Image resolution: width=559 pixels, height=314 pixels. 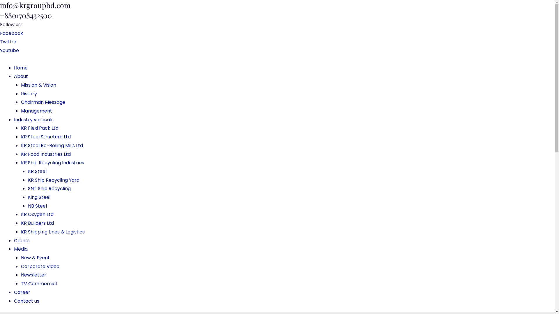 What do you see at coordinates (53, 231) in the screenshot?
I see `'KR Shipping Lines & Logistics'` at bounding box center [53, 231].